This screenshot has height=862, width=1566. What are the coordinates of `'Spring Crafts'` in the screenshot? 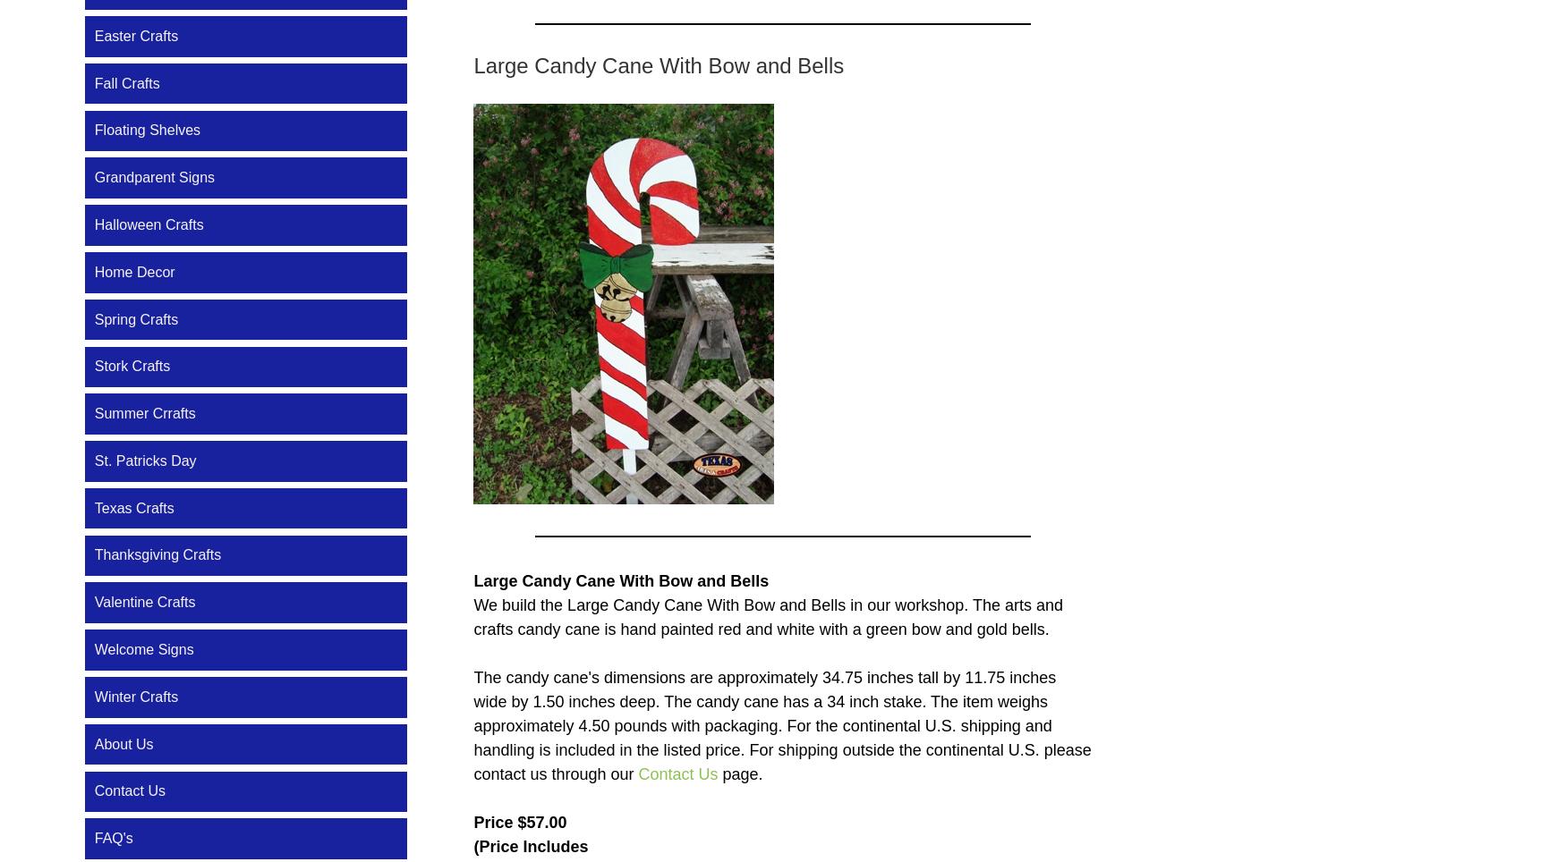 It's located at (135, 317).